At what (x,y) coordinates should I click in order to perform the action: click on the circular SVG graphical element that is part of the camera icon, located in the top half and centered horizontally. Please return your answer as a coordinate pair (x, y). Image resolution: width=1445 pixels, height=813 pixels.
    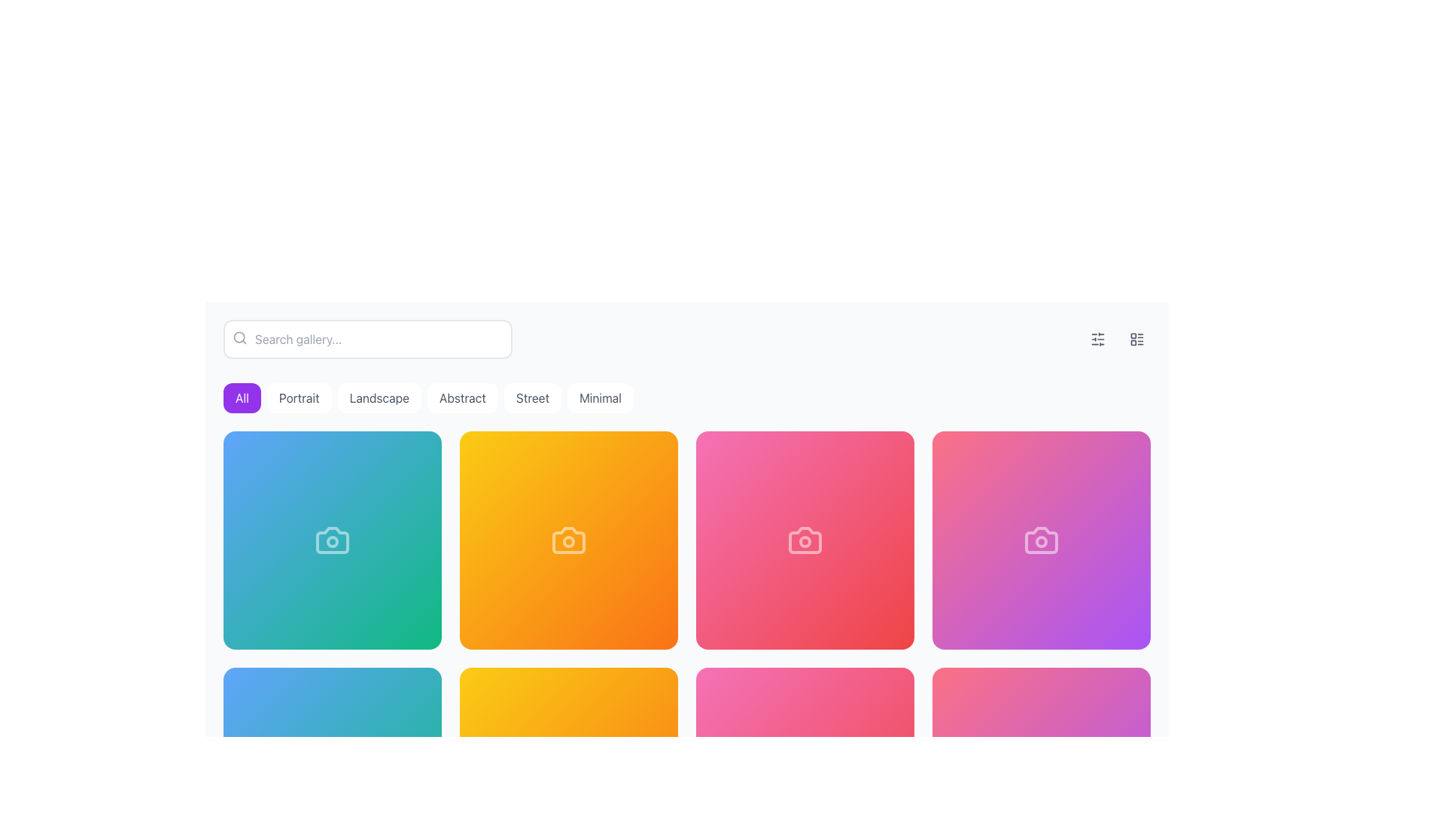
    Looking at the image, I should click on (331, 542).